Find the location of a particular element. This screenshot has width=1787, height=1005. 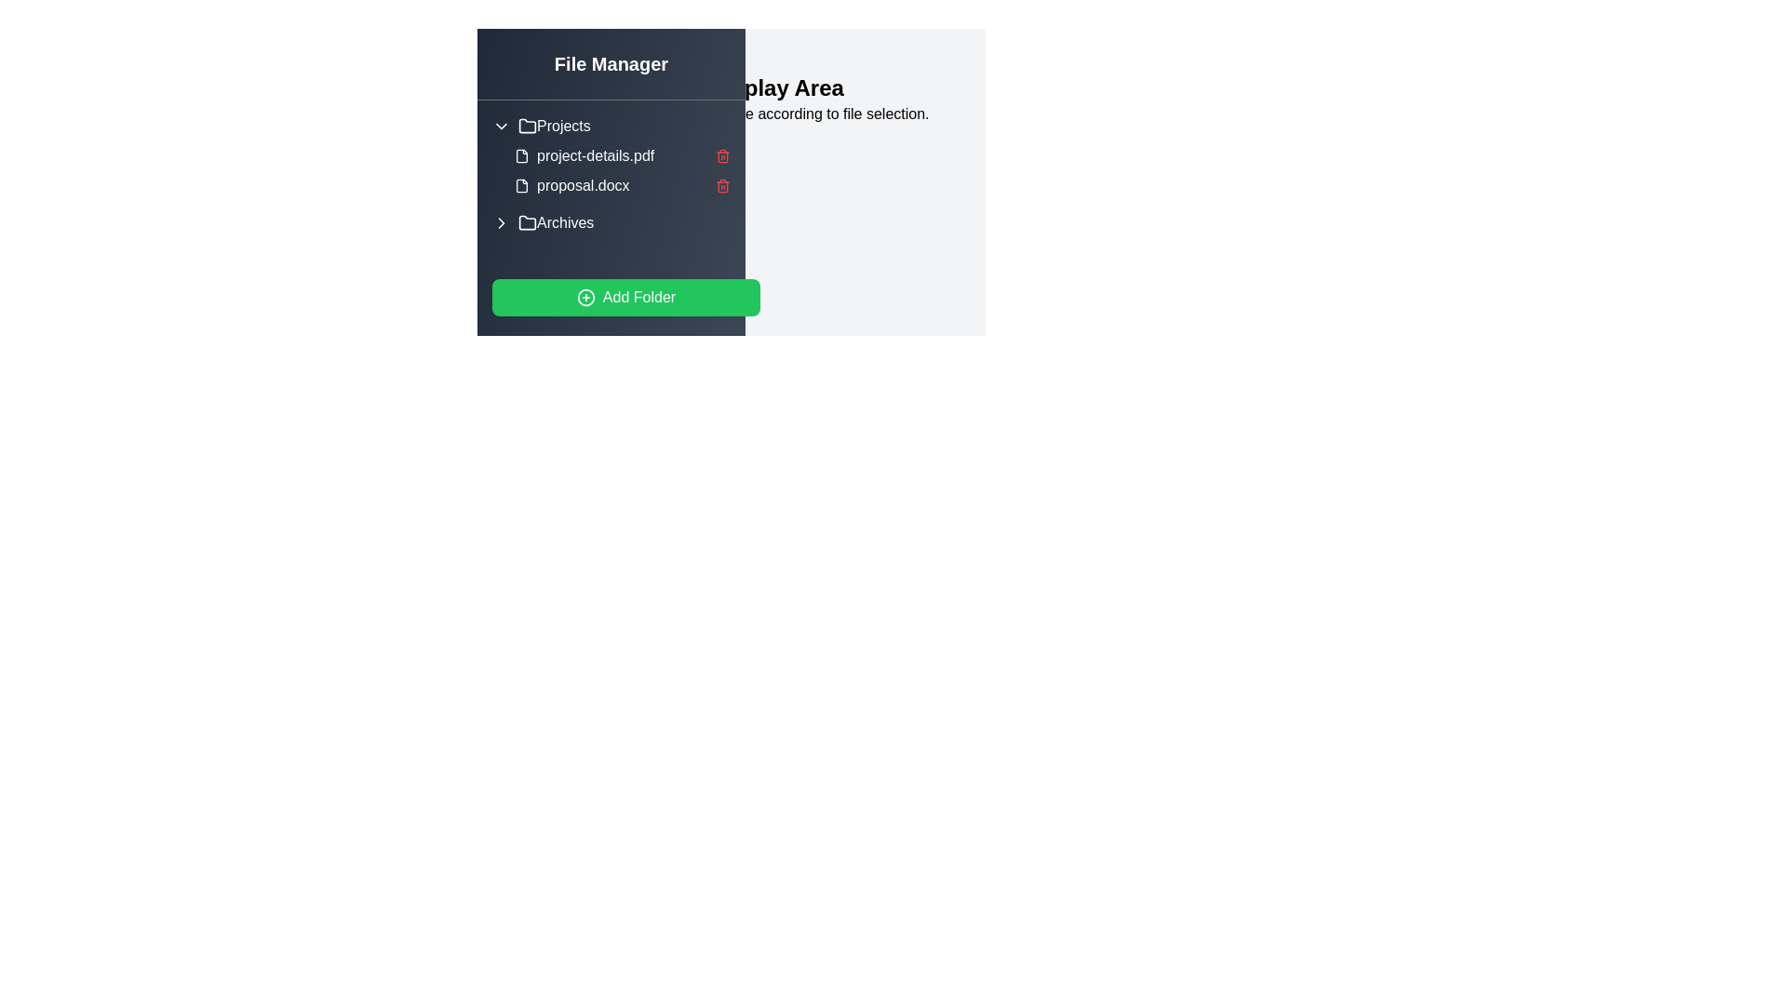

the circular shape of the 'Add Folder' button, which is part of a green-colored plus-symbol icon located at the bottom of the file management panel is located at coordinates (584, 297).